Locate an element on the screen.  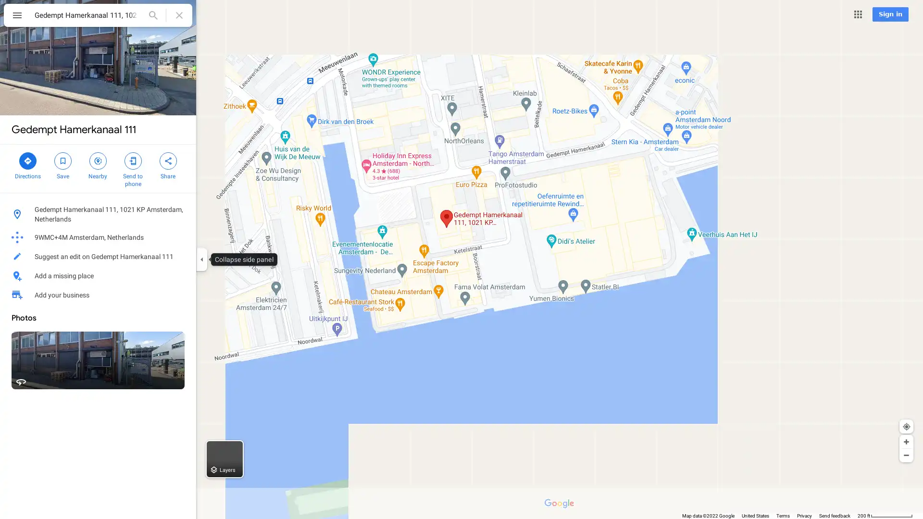
Show Your Location is located at coordinates (906, 457).